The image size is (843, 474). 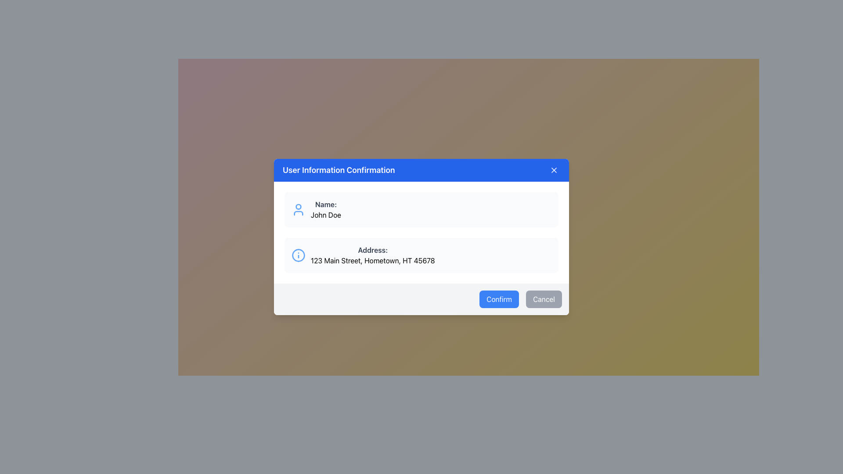 What do you see at coordinates (373, 250) in the screenshot?
I see `the text label that reads 'Address:' in bold, dark gray font, located in the 'User Information Confirmation' modal dialog, positioned above the address details` at bounding box center [373, 250].